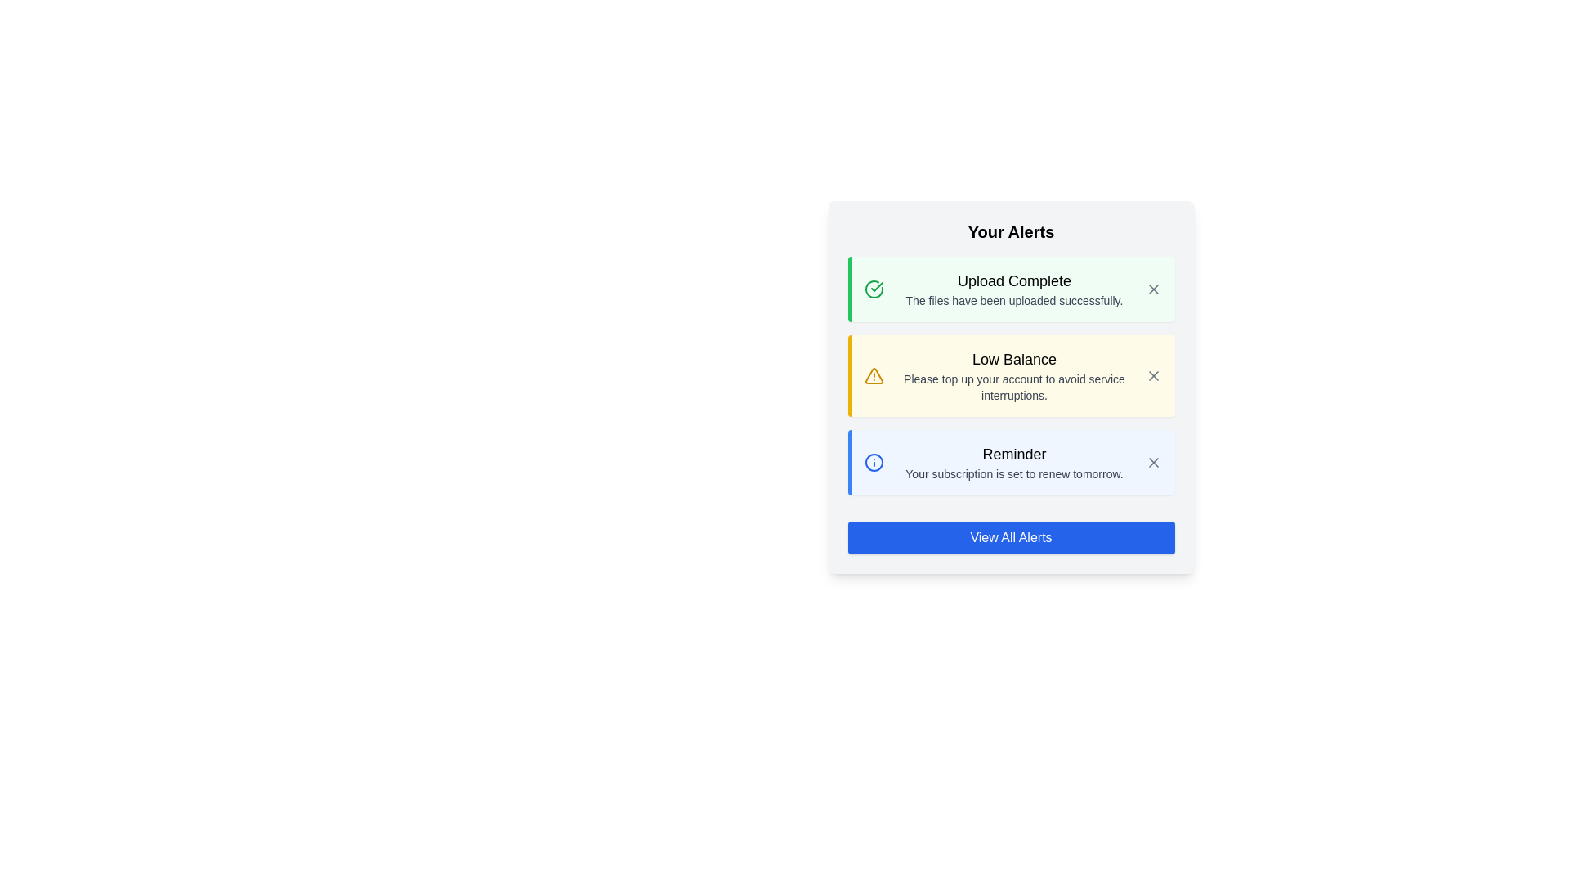 The height and width of the screenshot is (883, 1569). Describe the element at coordinates (1010, 388) in the screenshot. I see `information inside the Notification Card titled 'Low Balance' which contains a warning icon and a close button at the top-right corner` at that location.